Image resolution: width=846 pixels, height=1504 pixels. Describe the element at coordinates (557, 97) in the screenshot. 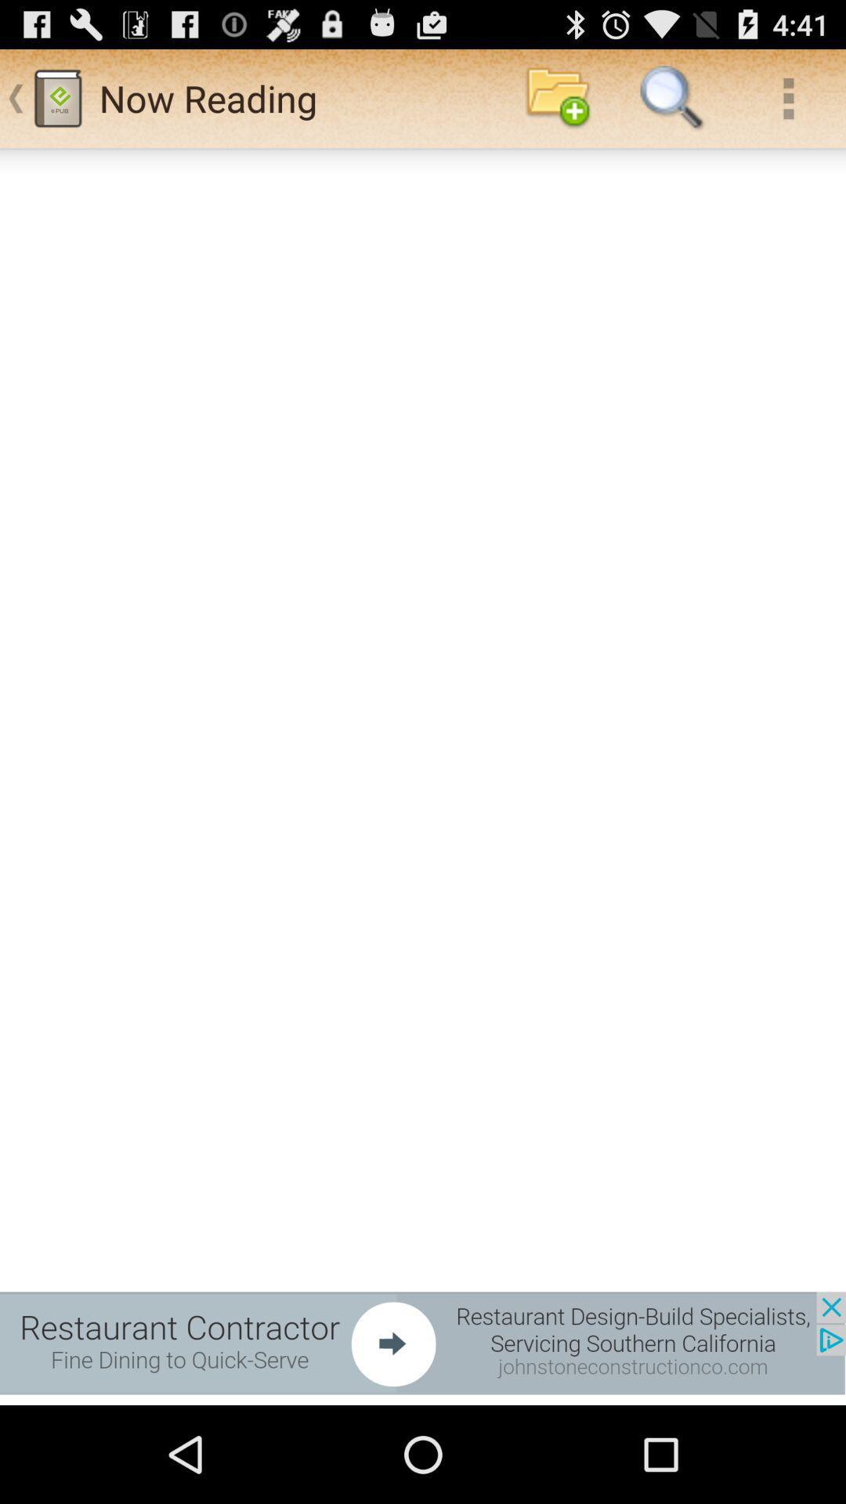

I see `app next to now reading app` at that location.